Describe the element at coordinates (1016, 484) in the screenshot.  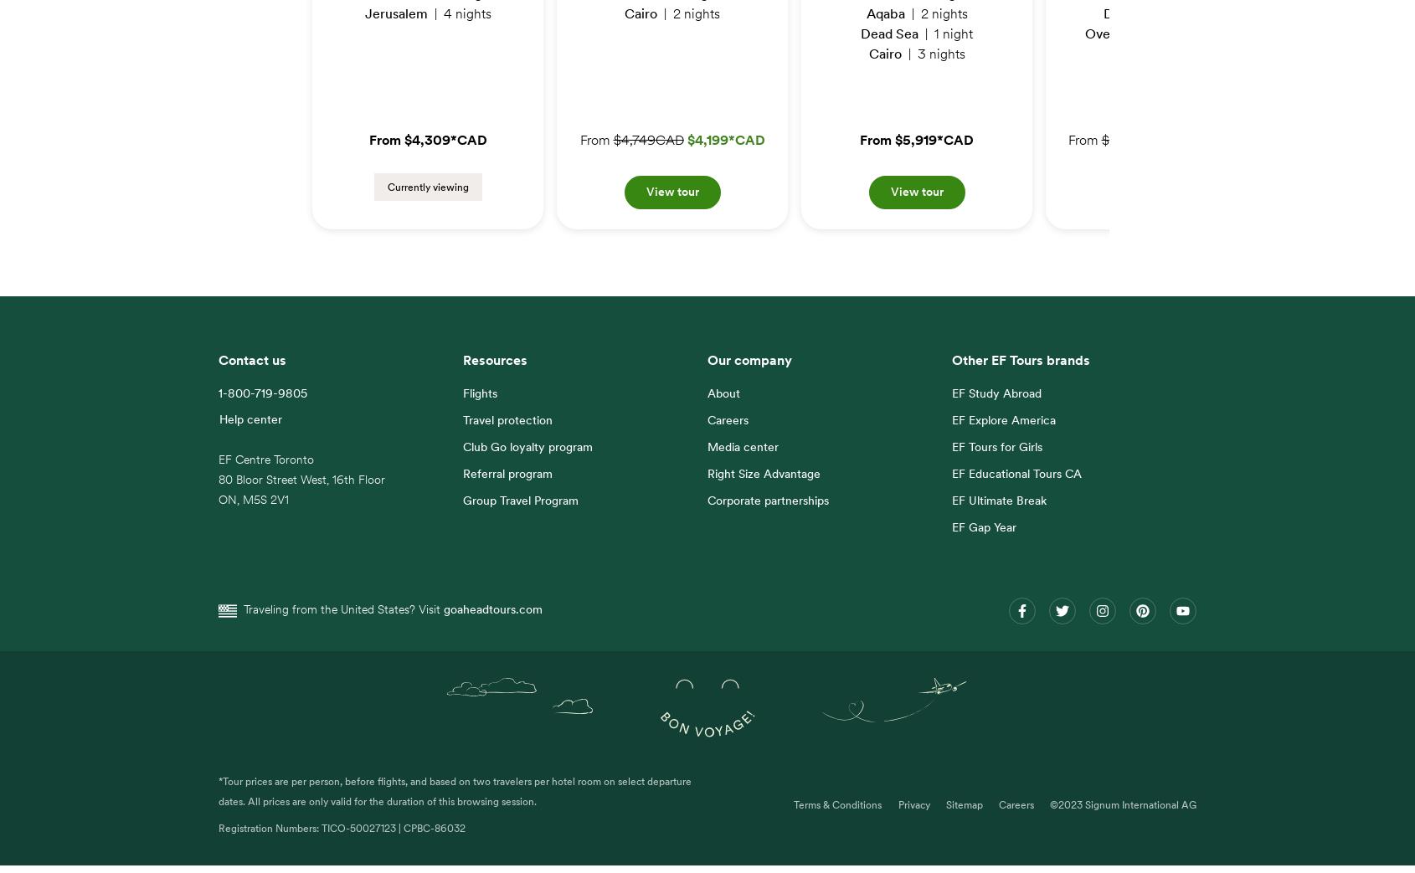
I see `'EF Educational Tours CA'` at that location.